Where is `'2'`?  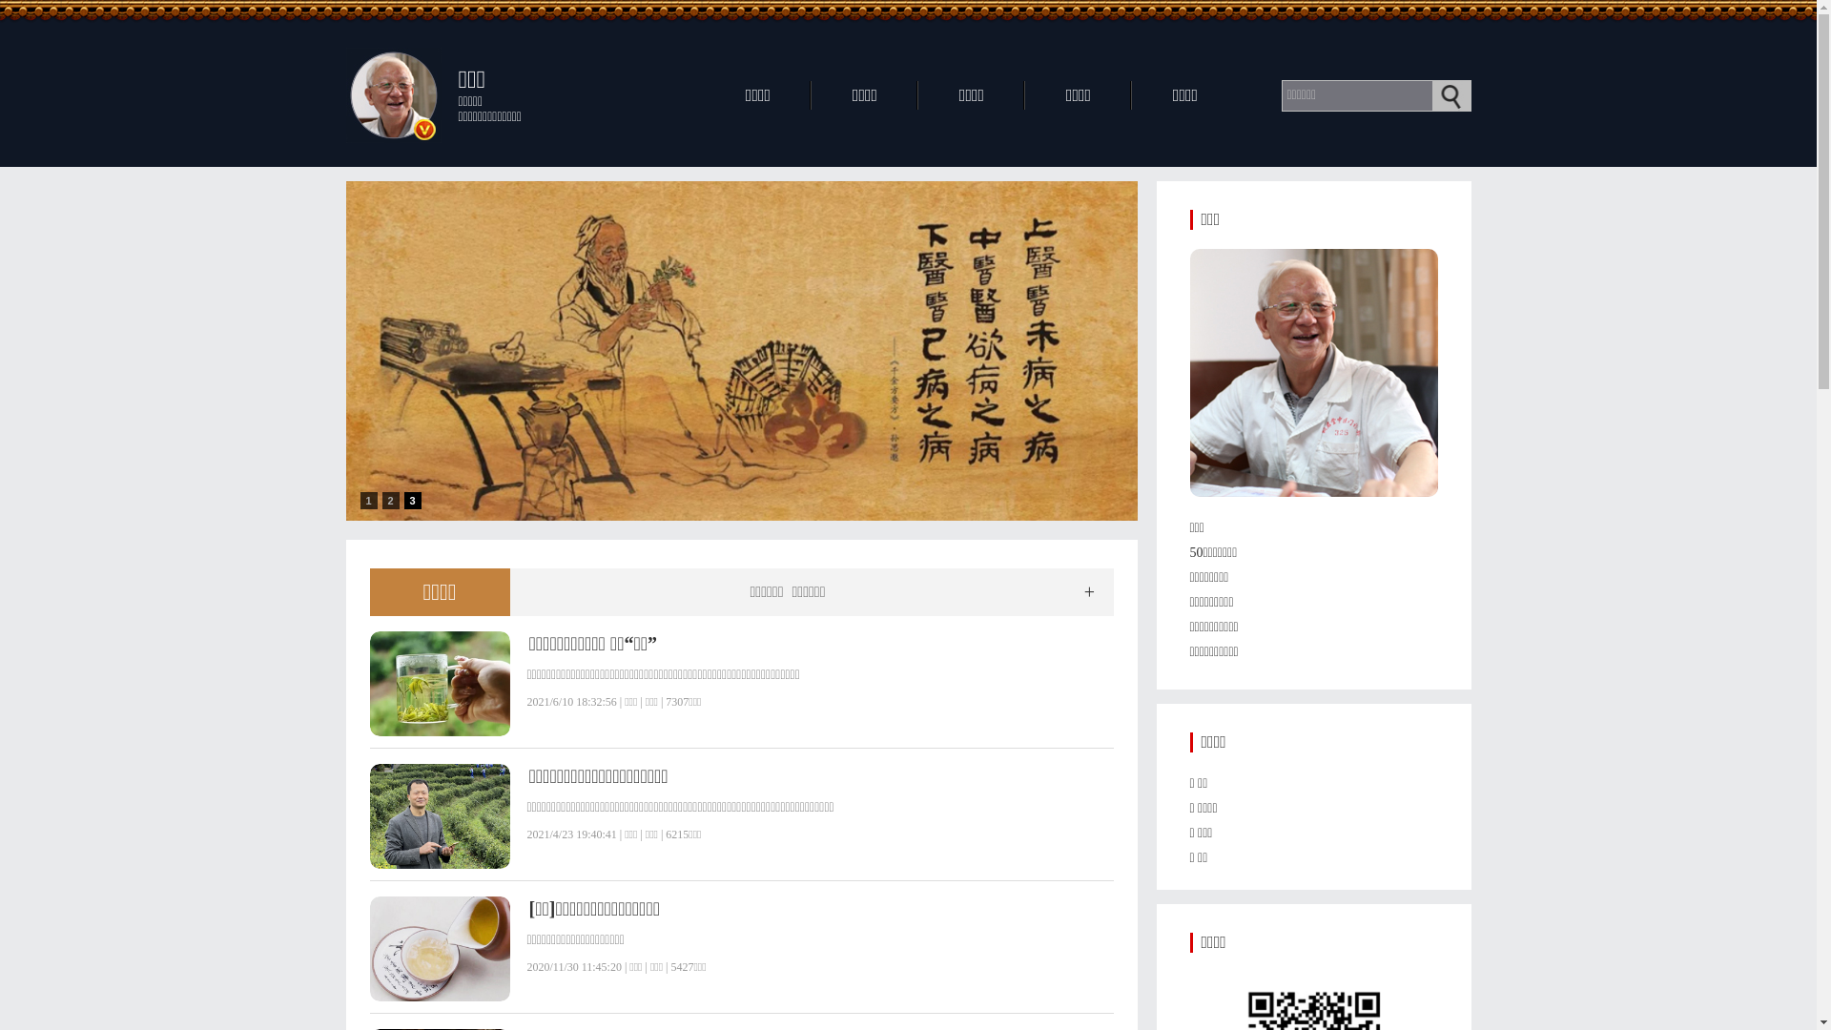 '2' is located at coordinates (388, 499).